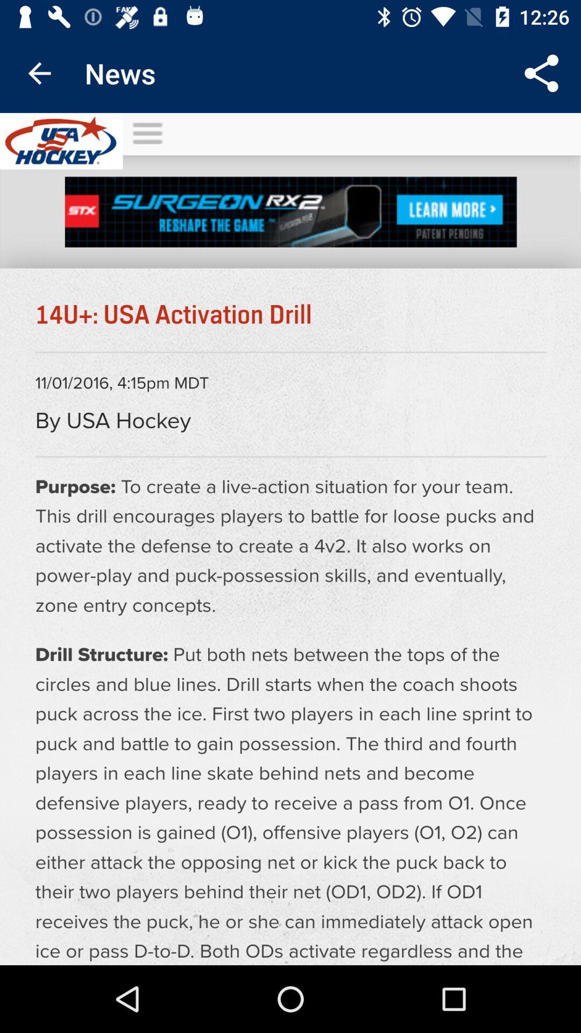 This screenshot has height=1033, width=581. I want to click on read content, so click(290, 539).